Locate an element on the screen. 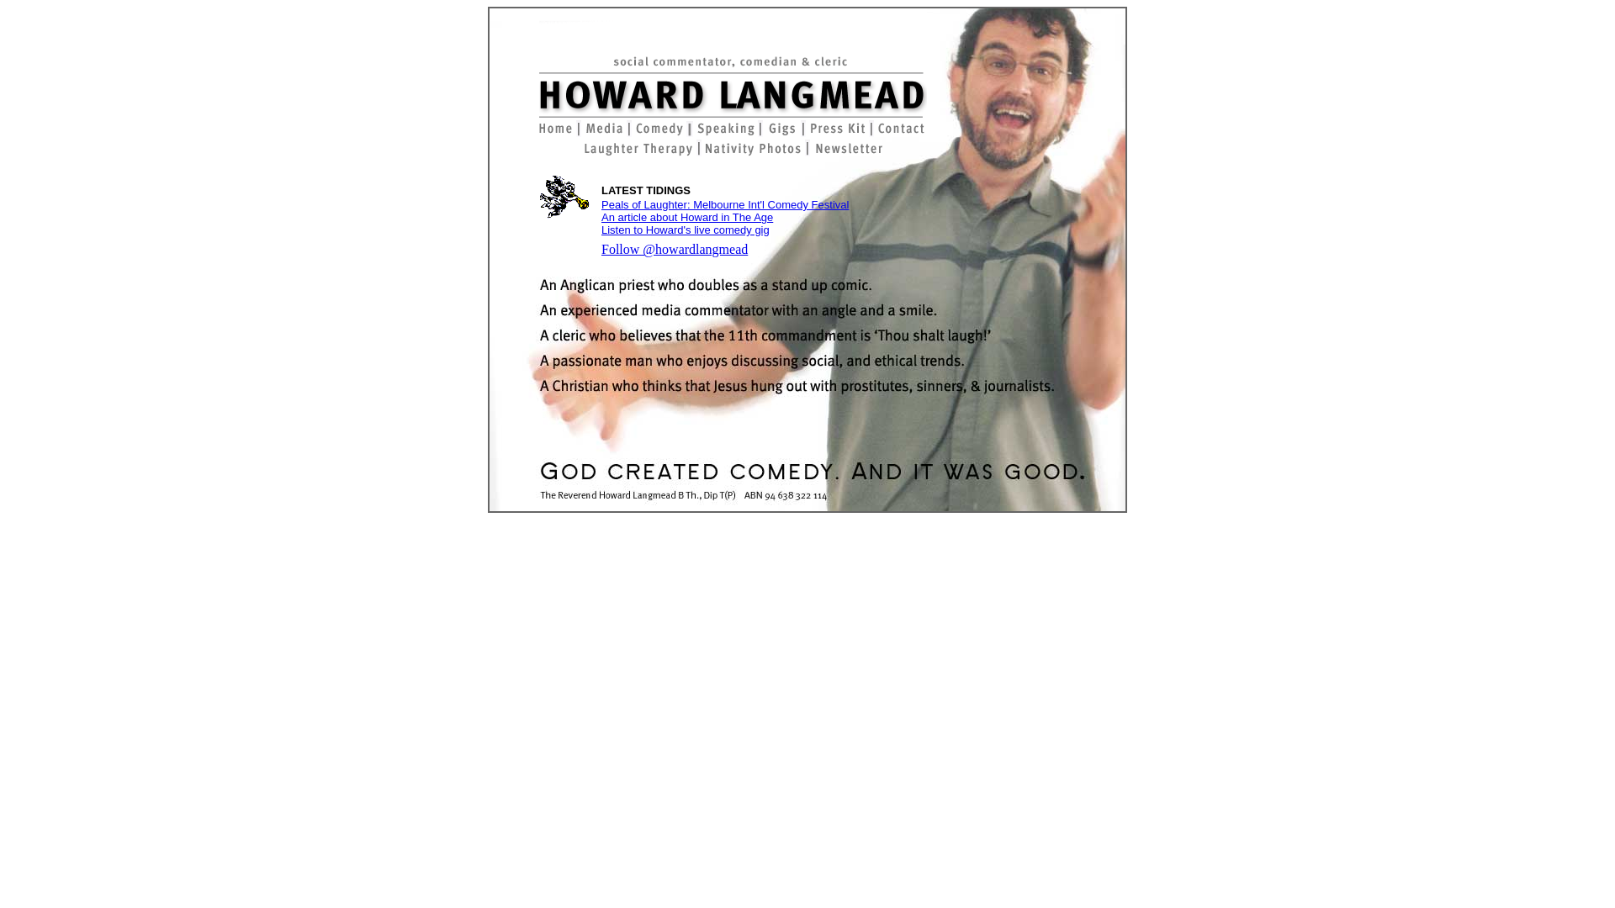  'An article about Howard in The Age' is located at coordinates (686, 216).